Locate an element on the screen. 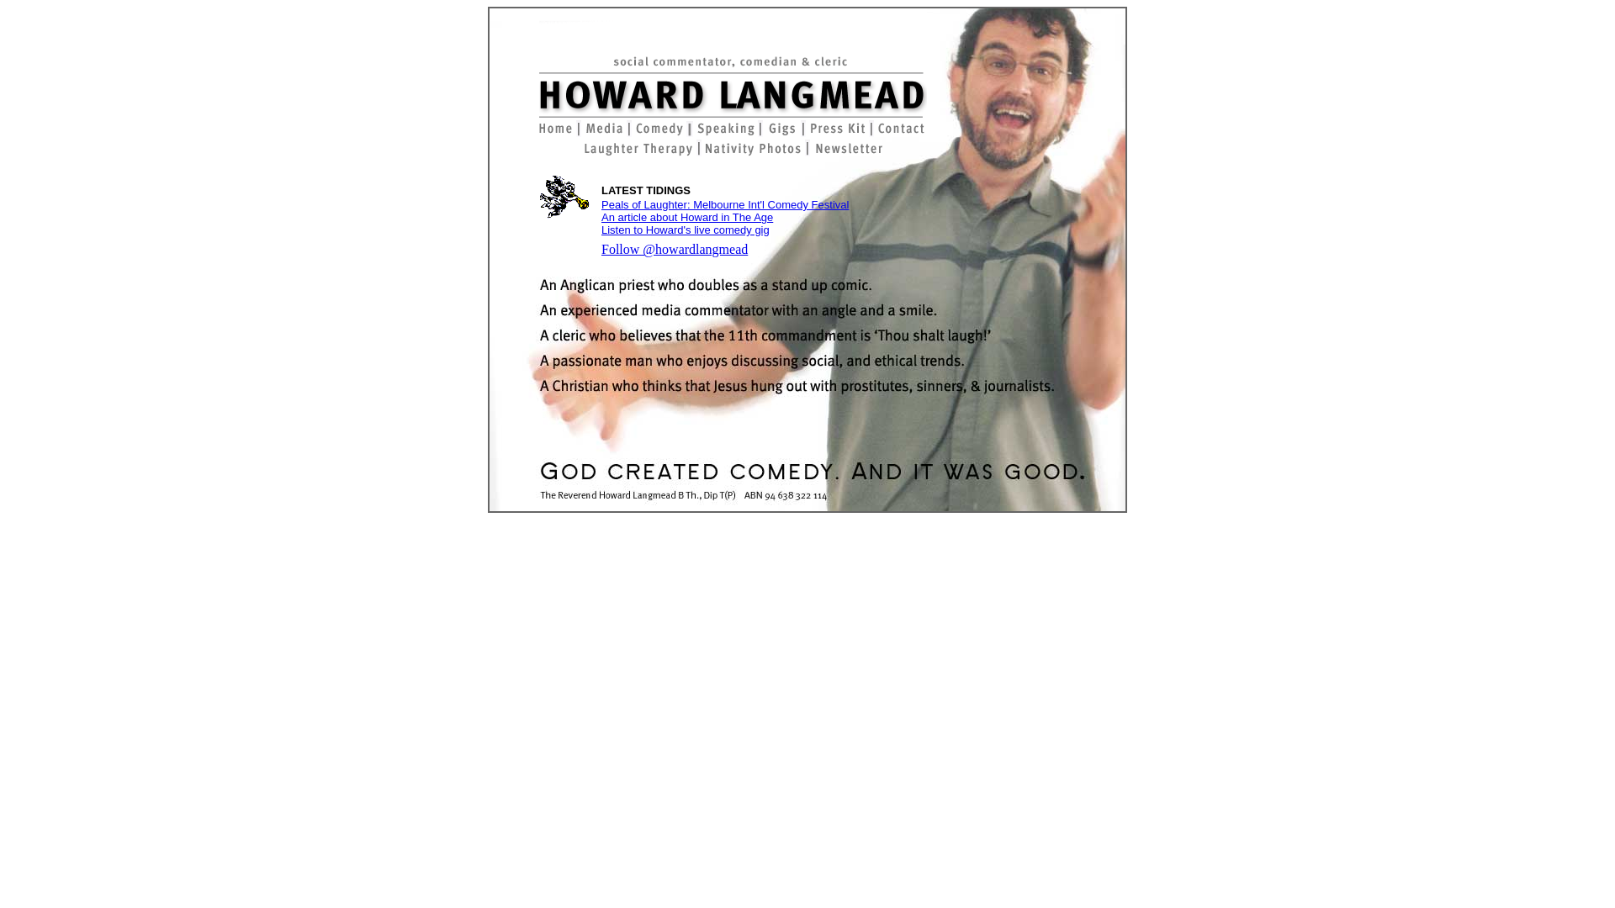  'An article about Howard in The Age' is located at coordinates (686, 216).